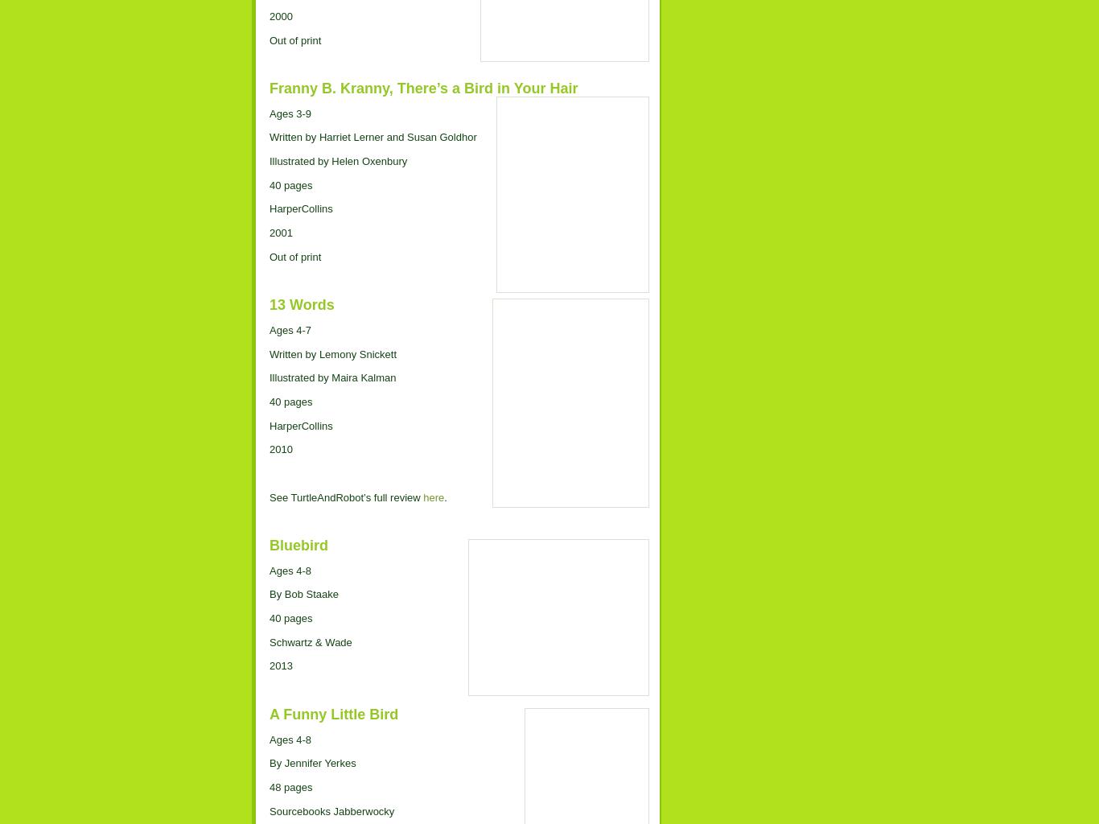 The image size is (1099, 824). I want to click on '.', so click(444, 496).